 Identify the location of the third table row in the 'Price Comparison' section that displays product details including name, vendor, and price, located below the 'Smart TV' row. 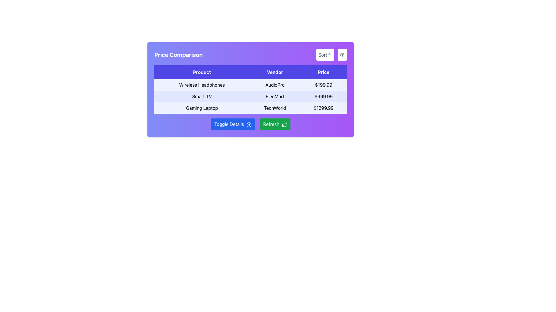
(250, 108).